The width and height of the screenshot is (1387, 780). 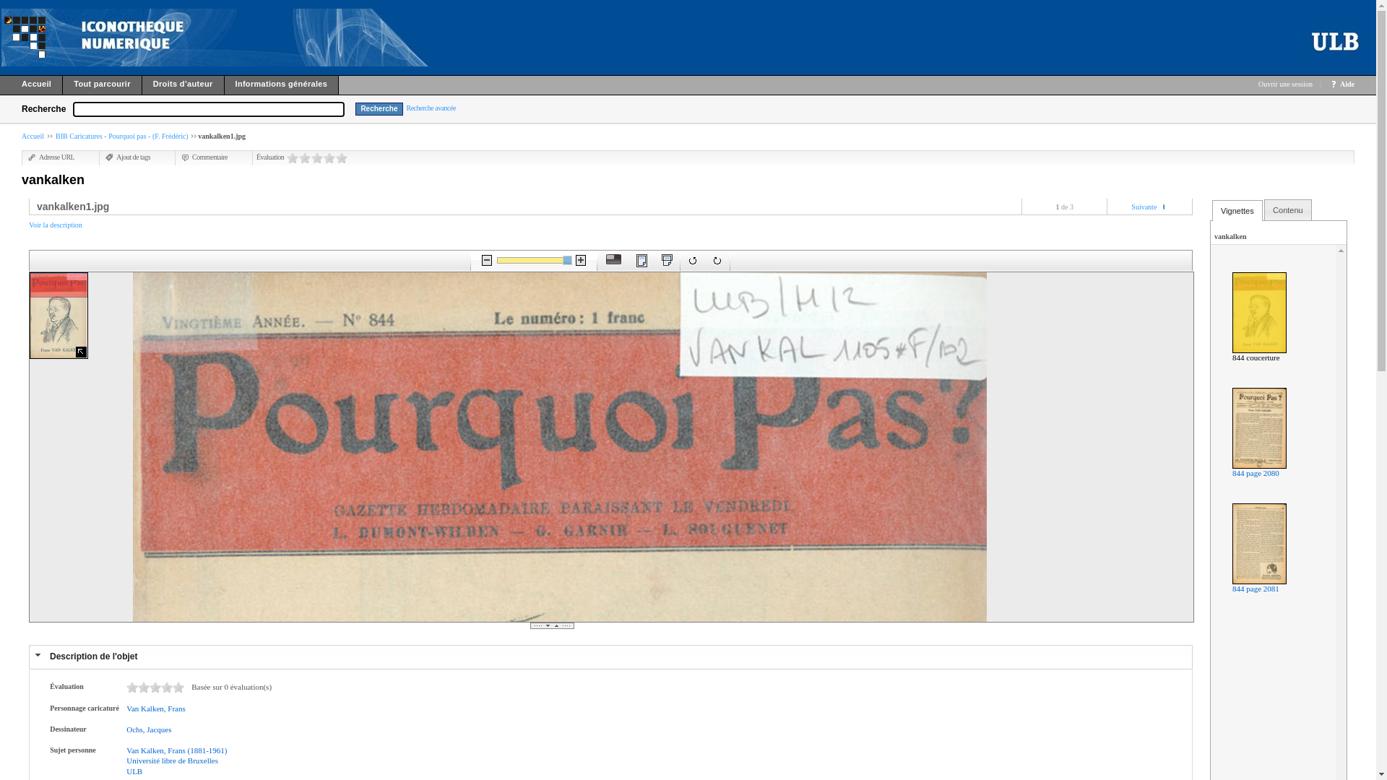 I want to click on 'Contenu', so click(x=1287, y=209).